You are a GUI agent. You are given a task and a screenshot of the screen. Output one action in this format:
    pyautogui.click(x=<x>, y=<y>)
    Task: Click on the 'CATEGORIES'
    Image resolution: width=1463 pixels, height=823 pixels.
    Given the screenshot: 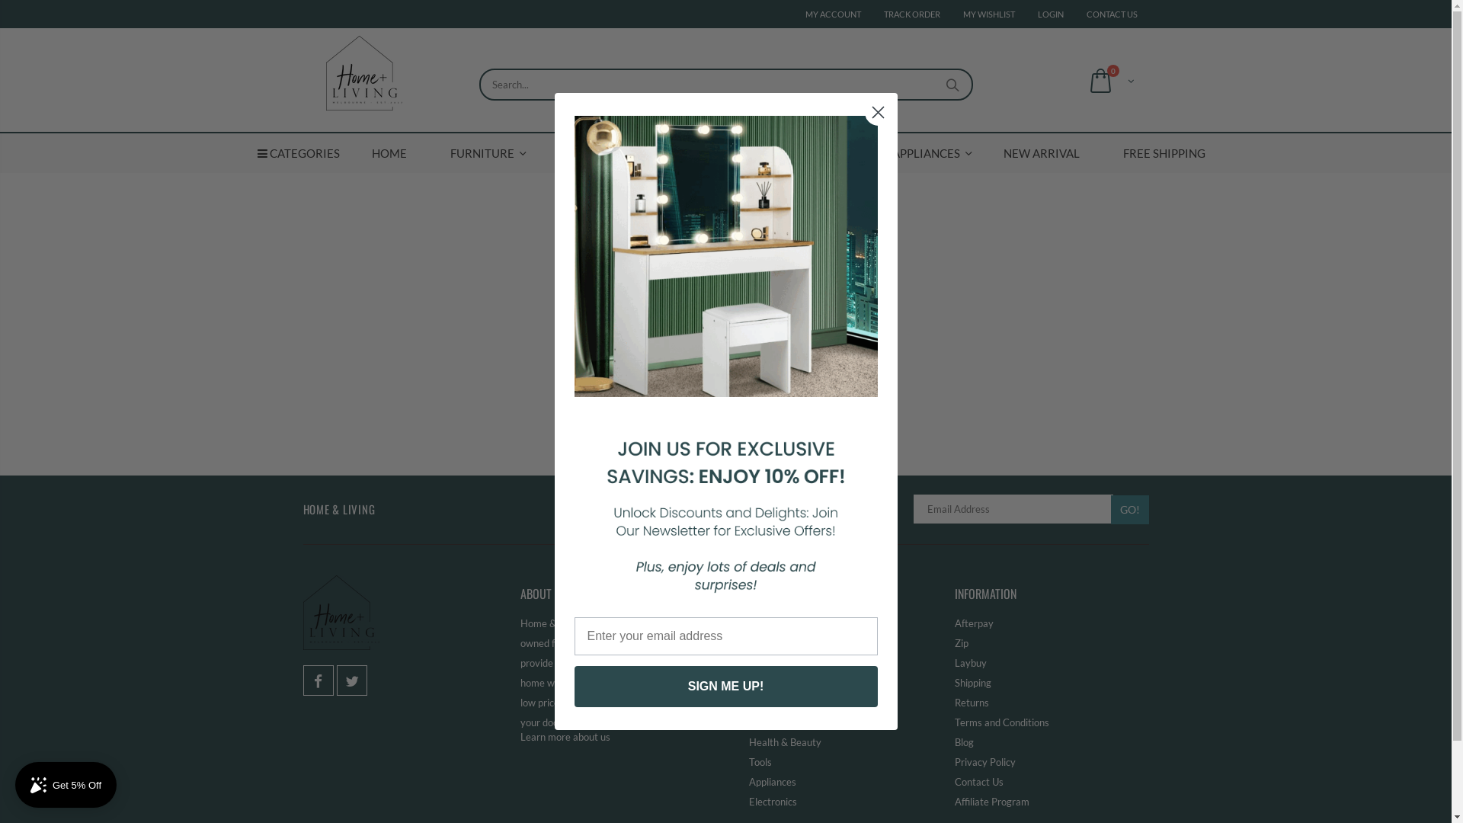 What is the action you would take?
    pyautogui.click(x=299, y=152)
    